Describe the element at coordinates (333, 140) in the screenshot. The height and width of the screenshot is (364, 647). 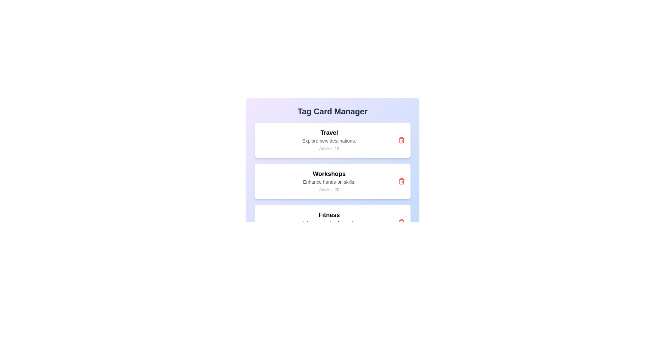
I see `the tag card labeled Travel` at that location.